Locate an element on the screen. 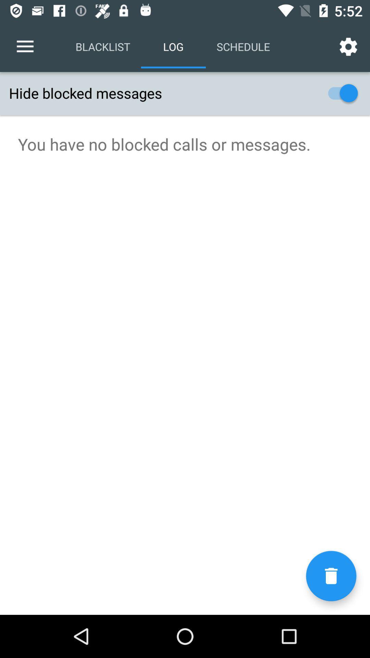 Image resolution: width=370 pixels, height=658 pixels. item next to the schedule item is located at coordinates (348, 46).